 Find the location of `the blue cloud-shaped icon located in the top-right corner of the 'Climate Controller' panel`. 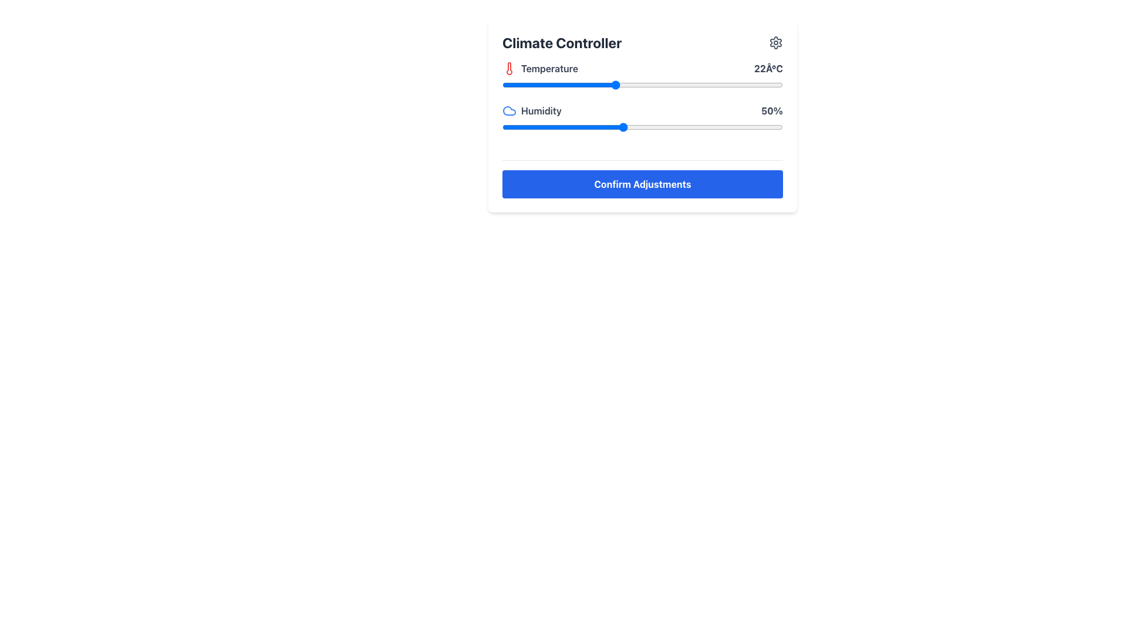

the blue cloud-shaped icon located in the top-right corner of the 'Climate Controller' panel is located at coordinates (509, 111).